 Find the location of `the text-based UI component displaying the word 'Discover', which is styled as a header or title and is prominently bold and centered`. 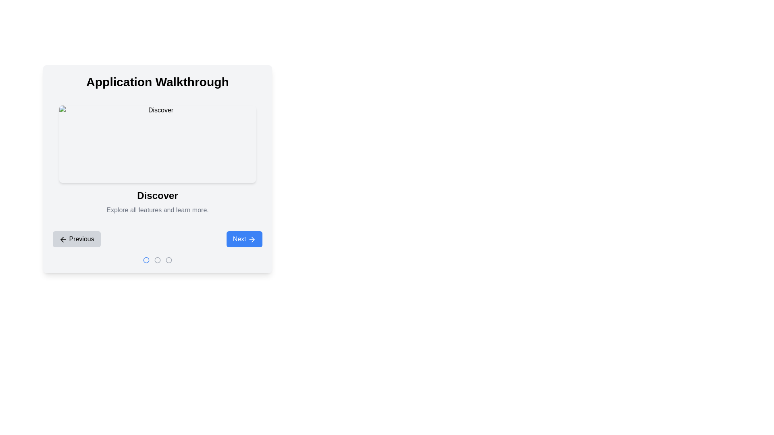

the text-based UI component displaying the word 'Discover', which is styled as a header or title and is prominently bold and centered is located at coordinates (157, 196).